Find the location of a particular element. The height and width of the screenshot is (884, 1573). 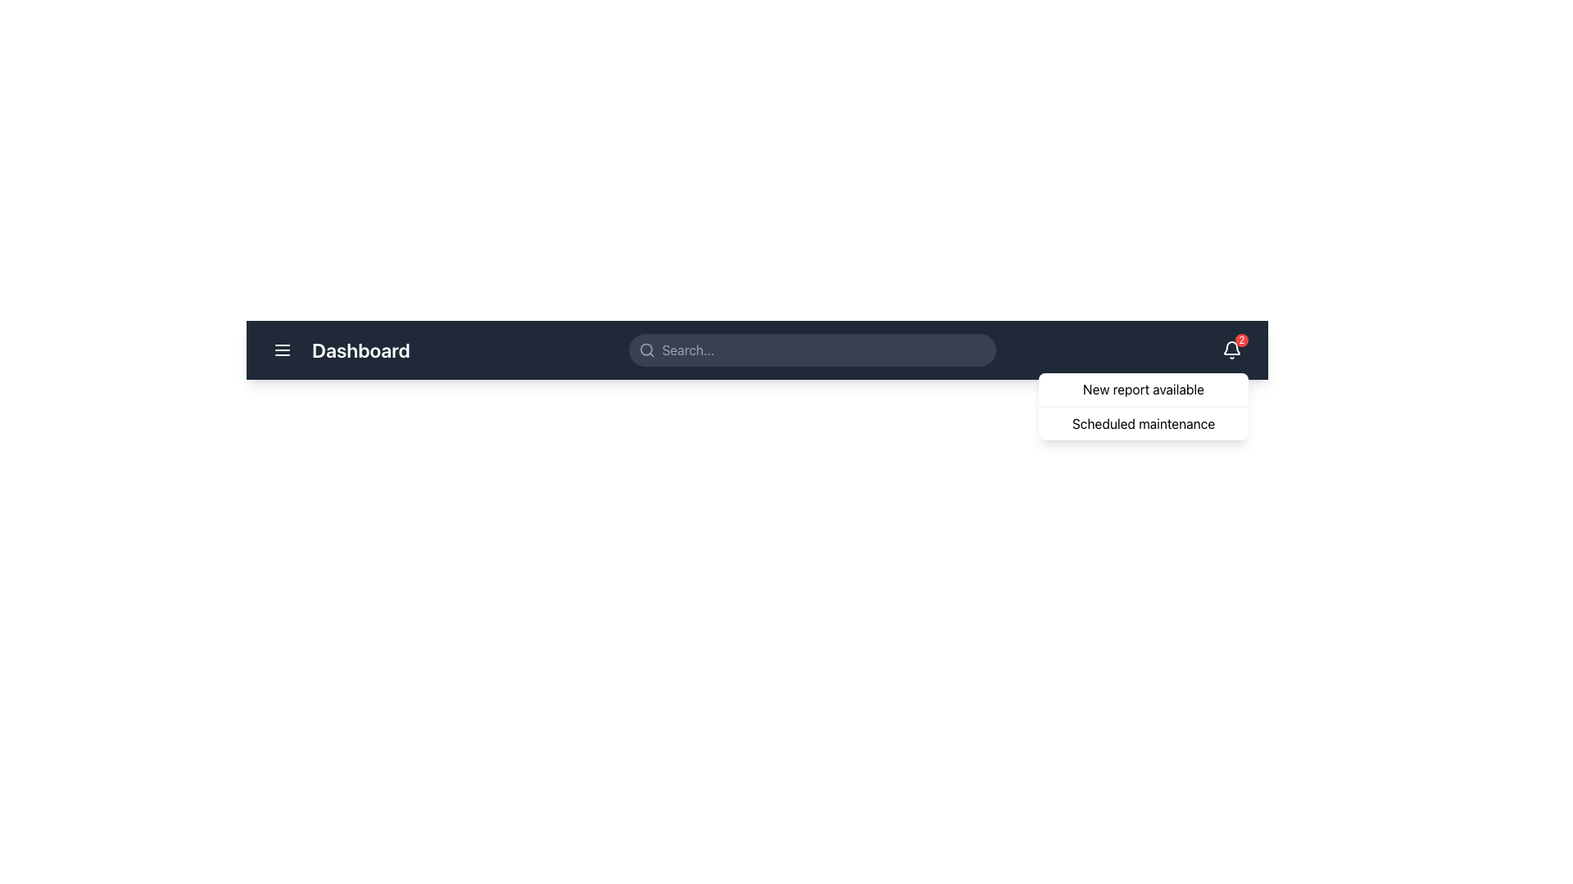

the menu icon located in the top-left corner of the interface to possibly reveal a tooltip is located at coordinates (283, 350).